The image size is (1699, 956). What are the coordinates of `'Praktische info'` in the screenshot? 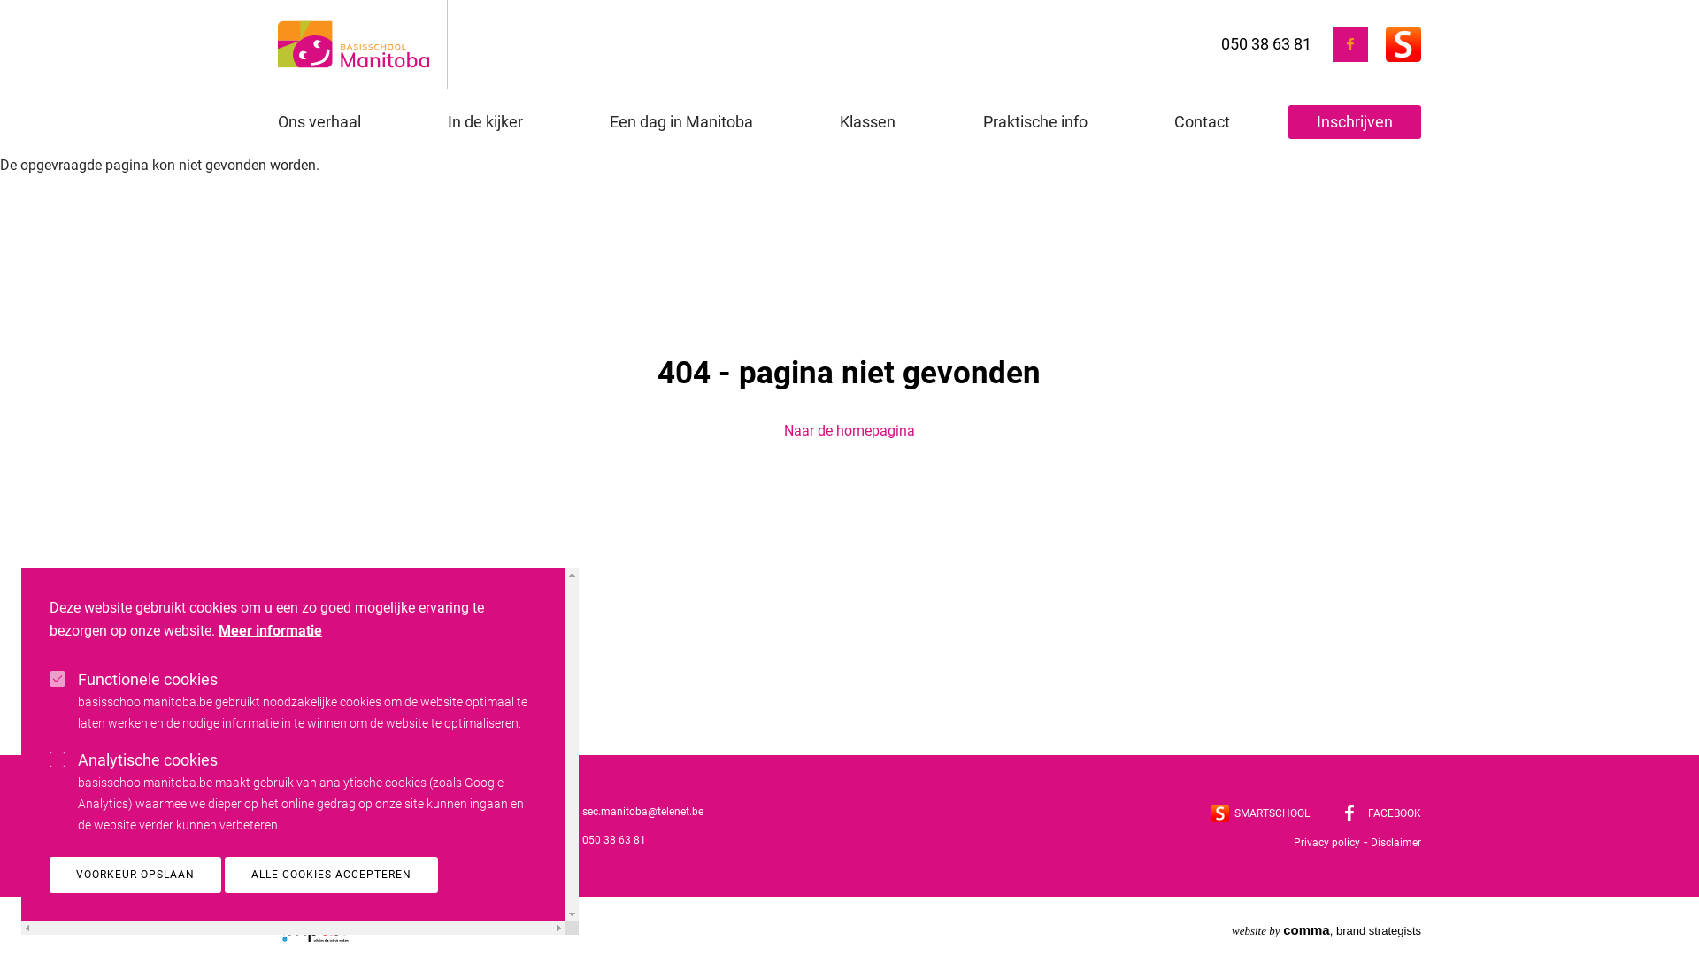 It's located at (1035, 121).